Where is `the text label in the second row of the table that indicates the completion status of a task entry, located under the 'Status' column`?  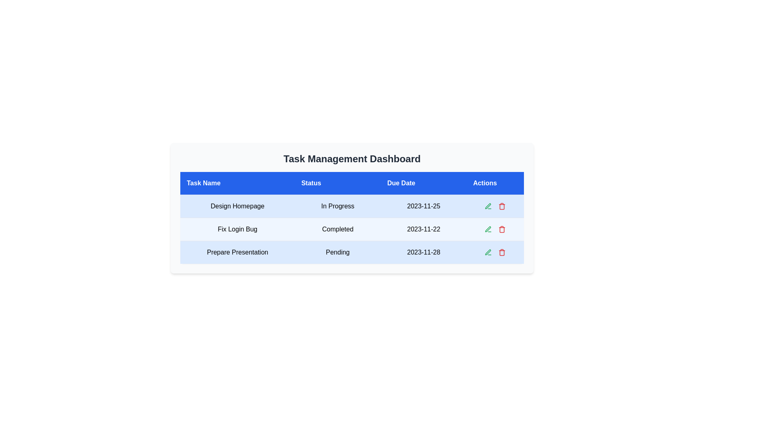 the text label in the second row of the table that indicates the completion status of a task entry, located under the 'Status' column is located at coordinates (338, 229).